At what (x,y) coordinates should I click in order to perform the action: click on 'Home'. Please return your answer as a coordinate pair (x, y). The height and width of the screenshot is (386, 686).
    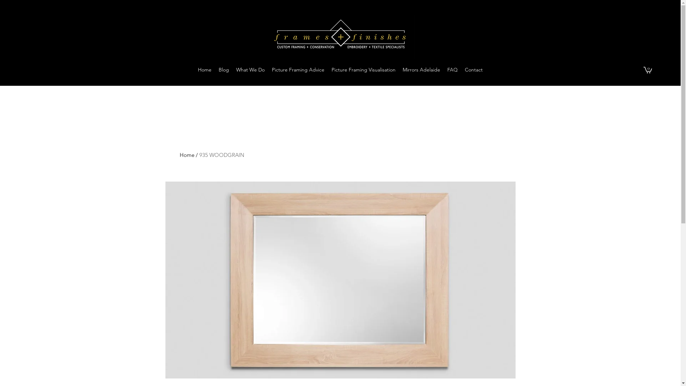
    Looking at the image, I should click on (204, 70).